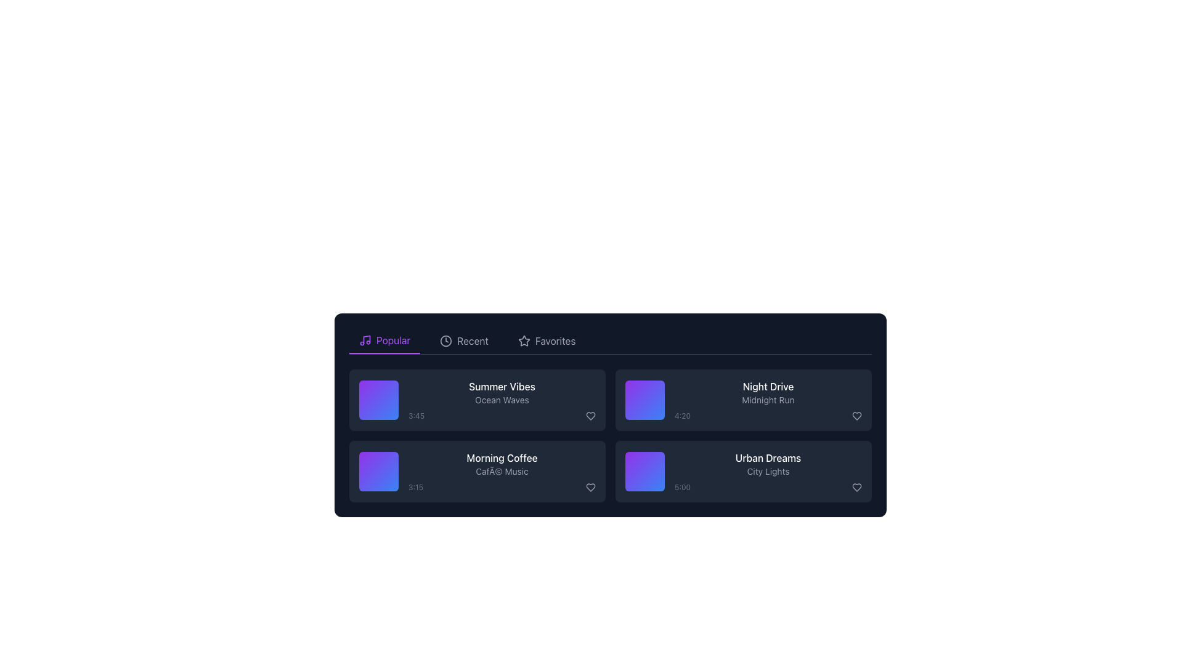  What do you see at coordinates (445, 341) in the screenshot?
I see `the 'Recent' icon located in the header navigation bar, adjacent to the 'Recent' label and before the 'Favorites' icon` at bounding box center [445, 341].